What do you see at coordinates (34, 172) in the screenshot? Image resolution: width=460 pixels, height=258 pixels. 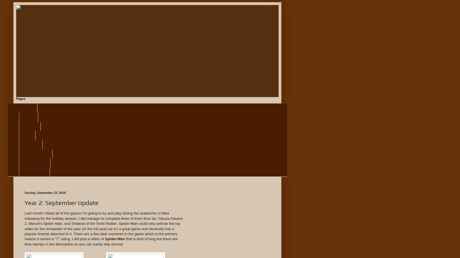 I see `'Privacy Policy'` at bounding box center [34, 172].